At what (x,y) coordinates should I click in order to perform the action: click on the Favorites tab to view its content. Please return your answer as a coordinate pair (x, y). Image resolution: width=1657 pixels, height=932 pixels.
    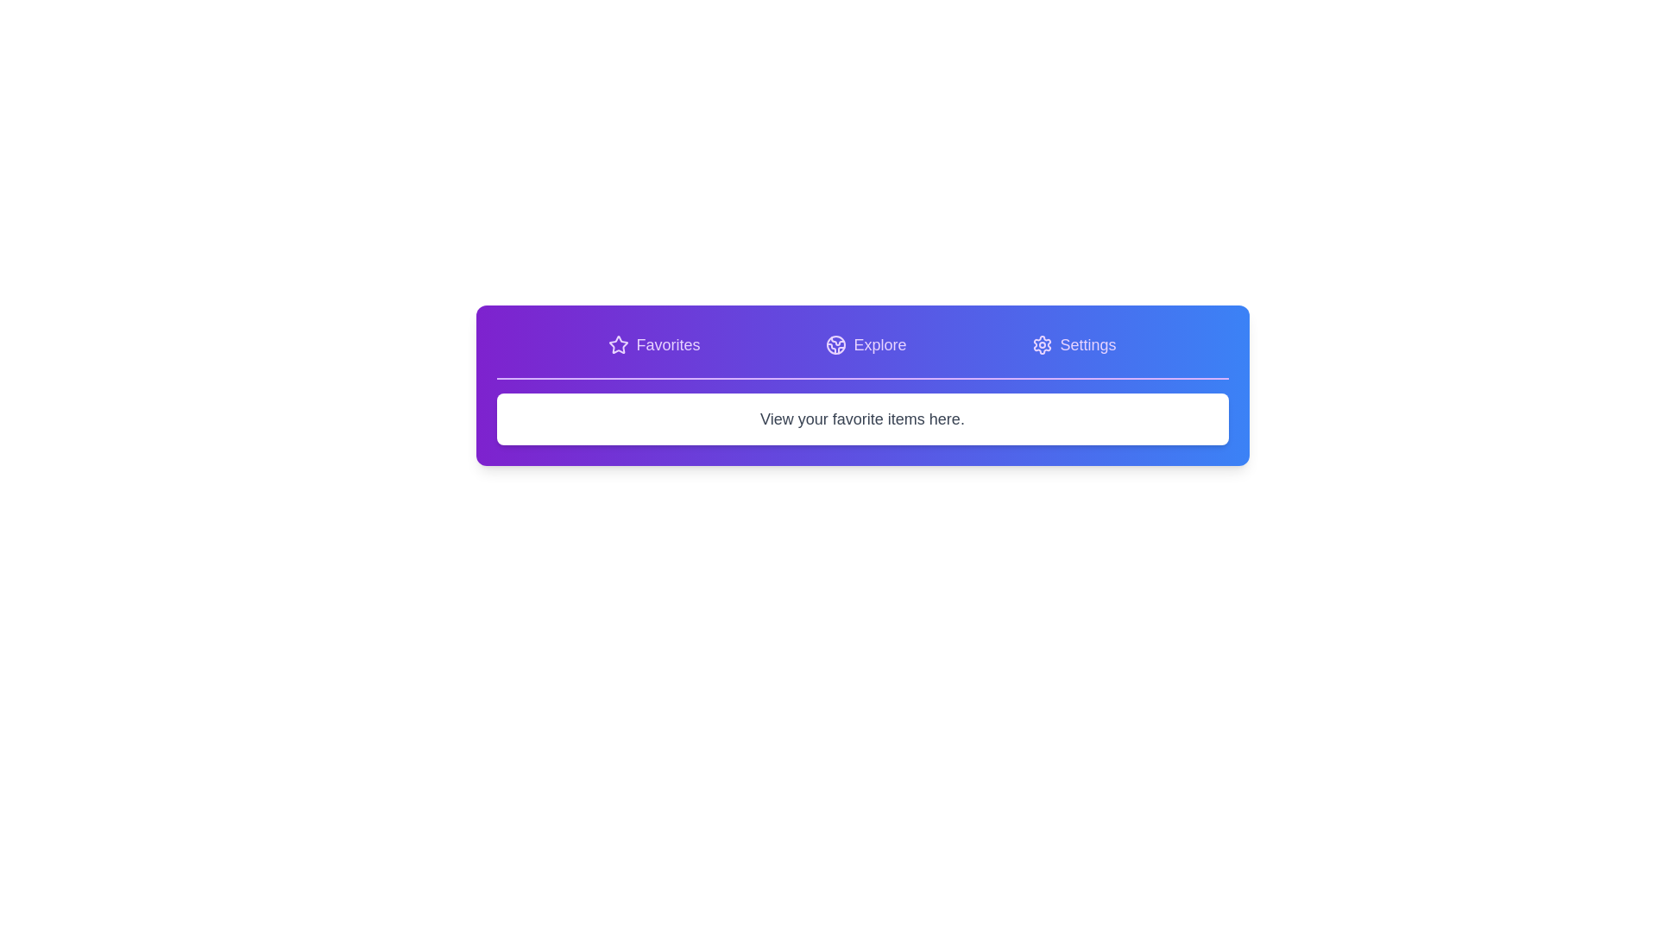
    Looking at the image, I should click on (653, 345).